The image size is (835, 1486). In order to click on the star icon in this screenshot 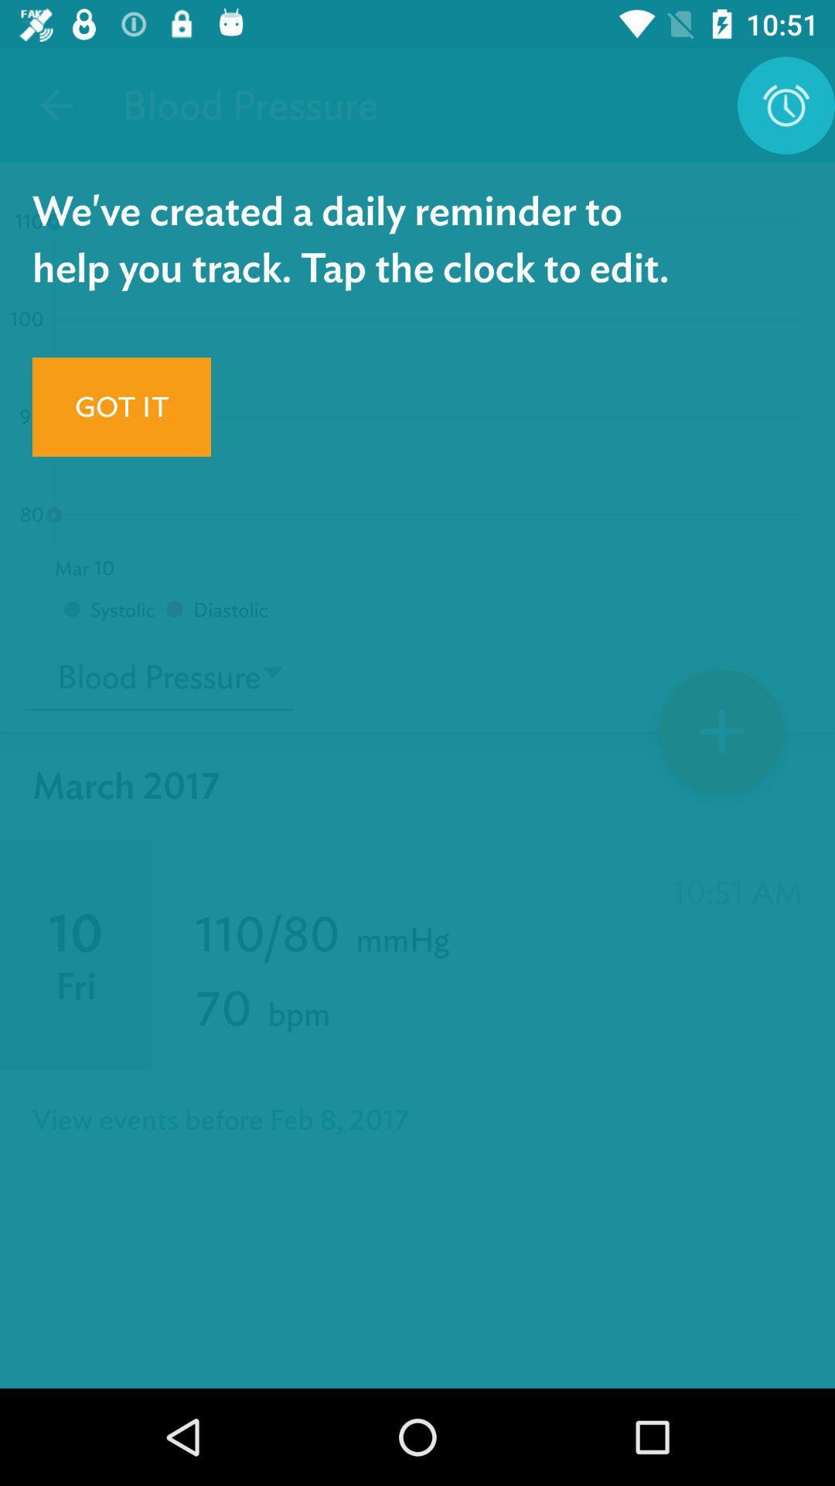, I will do `click(721, 736)`.